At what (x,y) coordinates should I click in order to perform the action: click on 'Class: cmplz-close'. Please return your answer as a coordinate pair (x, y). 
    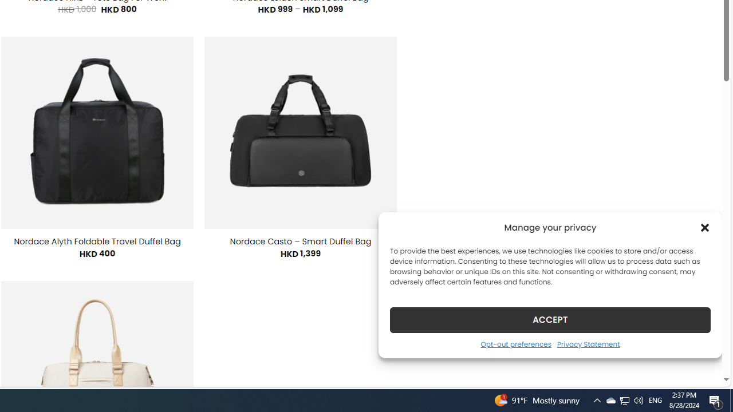
    Looking at the image, I should click on (704, 227).